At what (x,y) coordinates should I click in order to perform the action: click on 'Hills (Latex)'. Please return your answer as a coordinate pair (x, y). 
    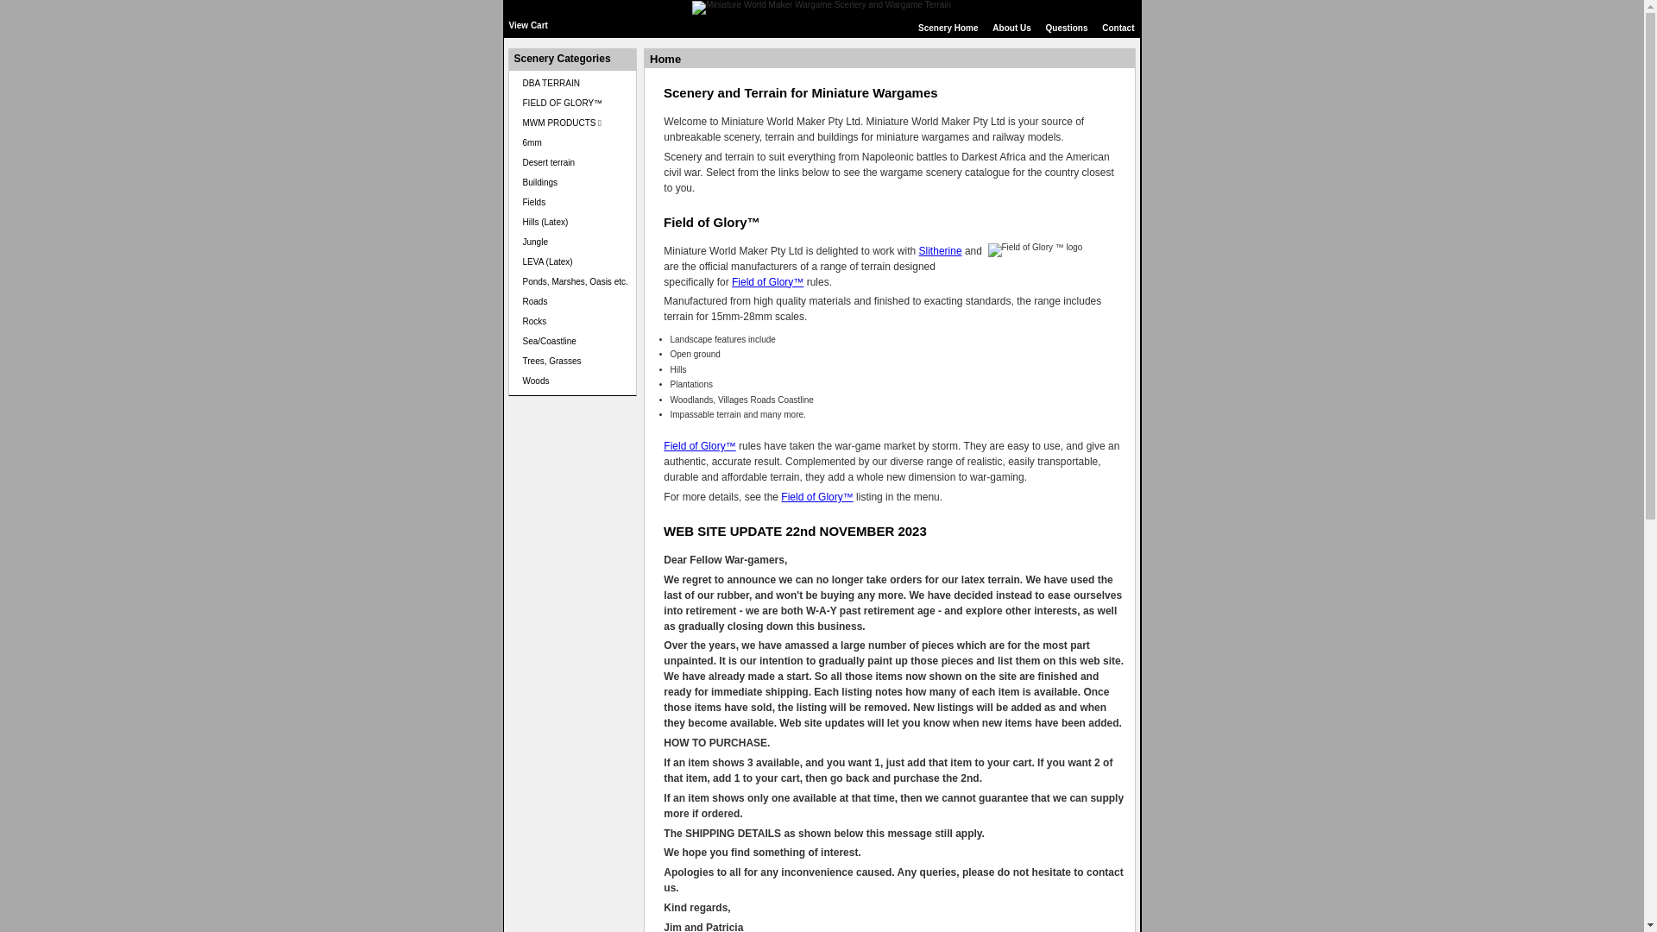
    Looking at the image, I should click on (545, 221).